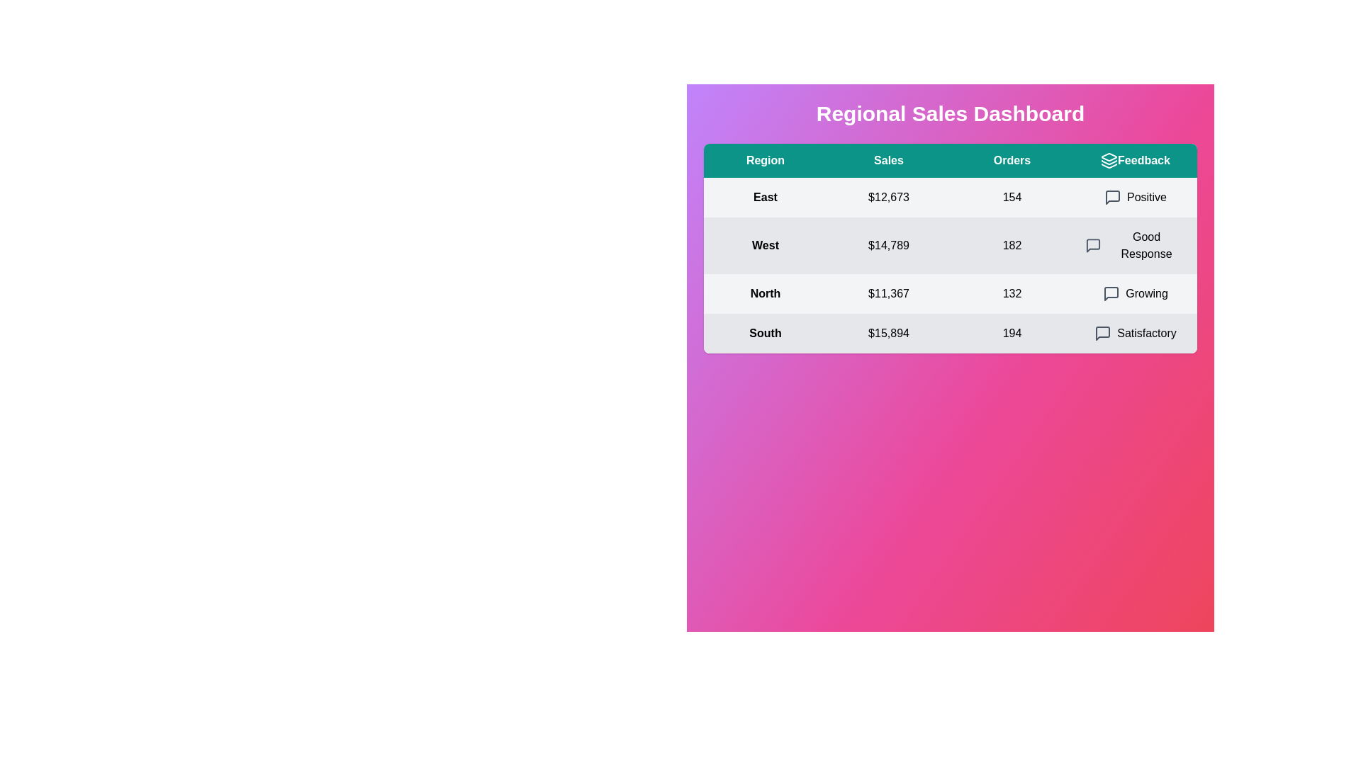  What do you see at coordinates (1102, 333) in the screenshot?
I see `the feedback icon for the South region` at bounding box center [1102, 333].